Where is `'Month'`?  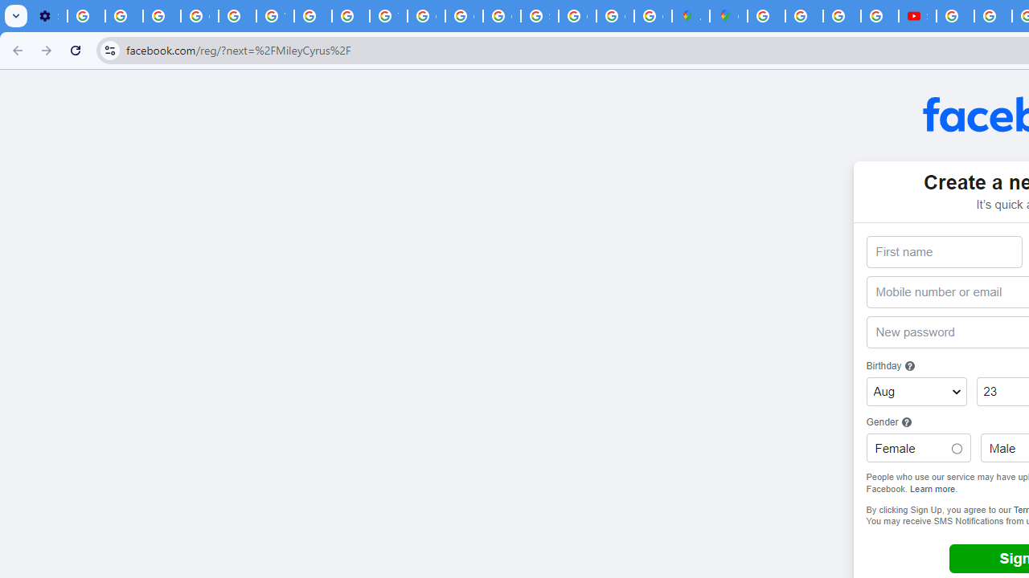 'Month' is located at coordinates (916, 392).